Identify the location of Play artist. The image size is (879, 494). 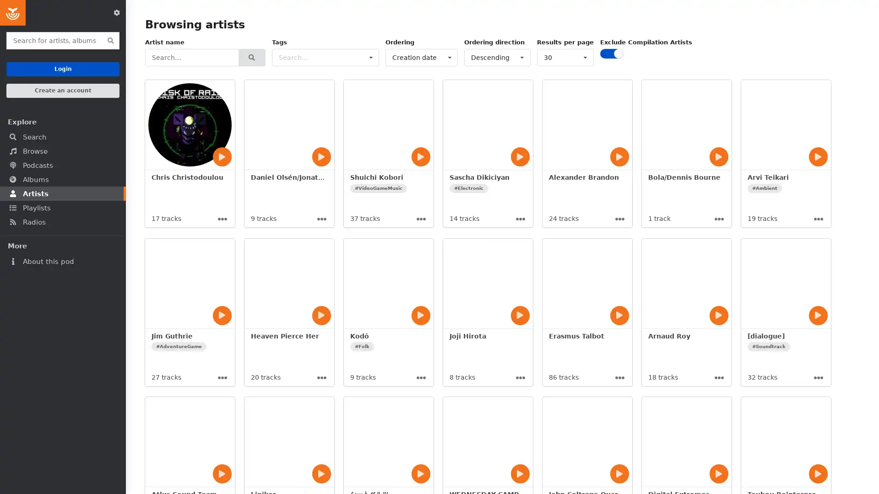
(520, 473).